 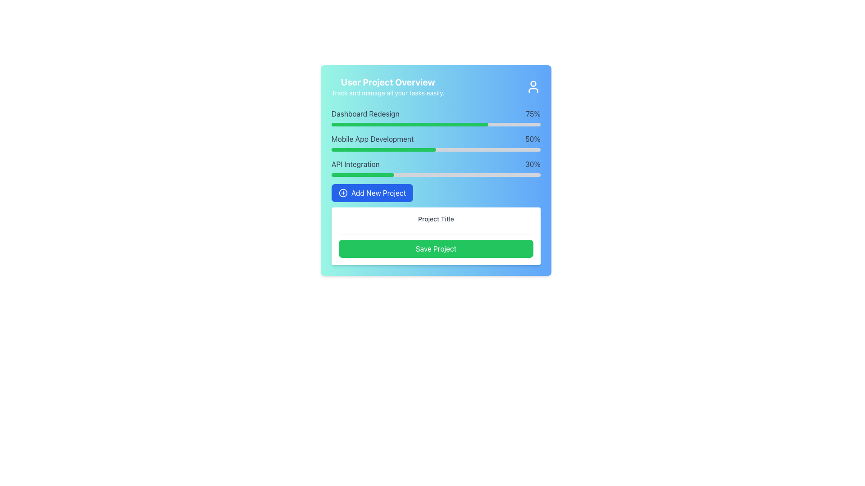 What do you see at coordinates (363, 175) in the screenshot?
I see `the Progress Bar Segment indicating 30% completion of the 'API Integration' task located beneath the label 'API Integration'` at bounding box center [363, 175].